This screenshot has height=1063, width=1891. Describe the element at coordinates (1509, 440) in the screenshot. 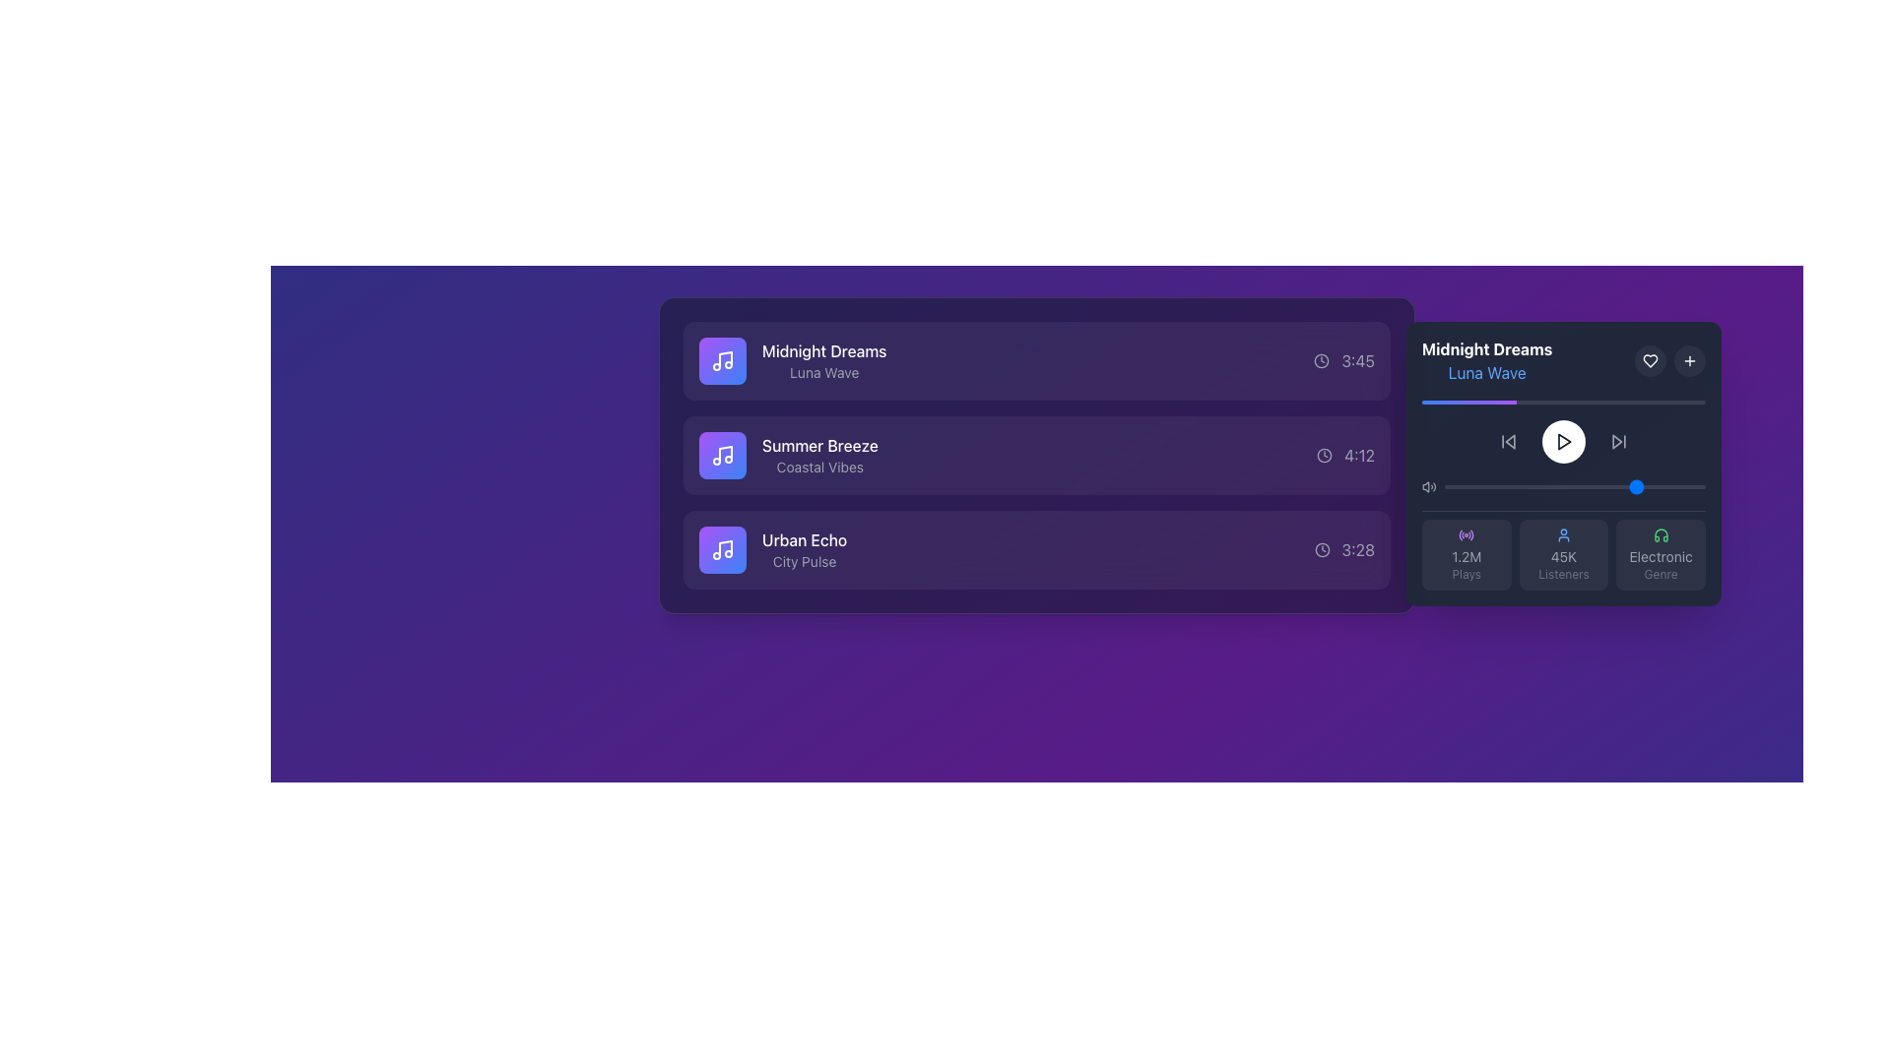

I see `the leftward-pointing triangular shape within the SVG icon of the media player interface, which is styled with no fill and a stroke property` at that location.